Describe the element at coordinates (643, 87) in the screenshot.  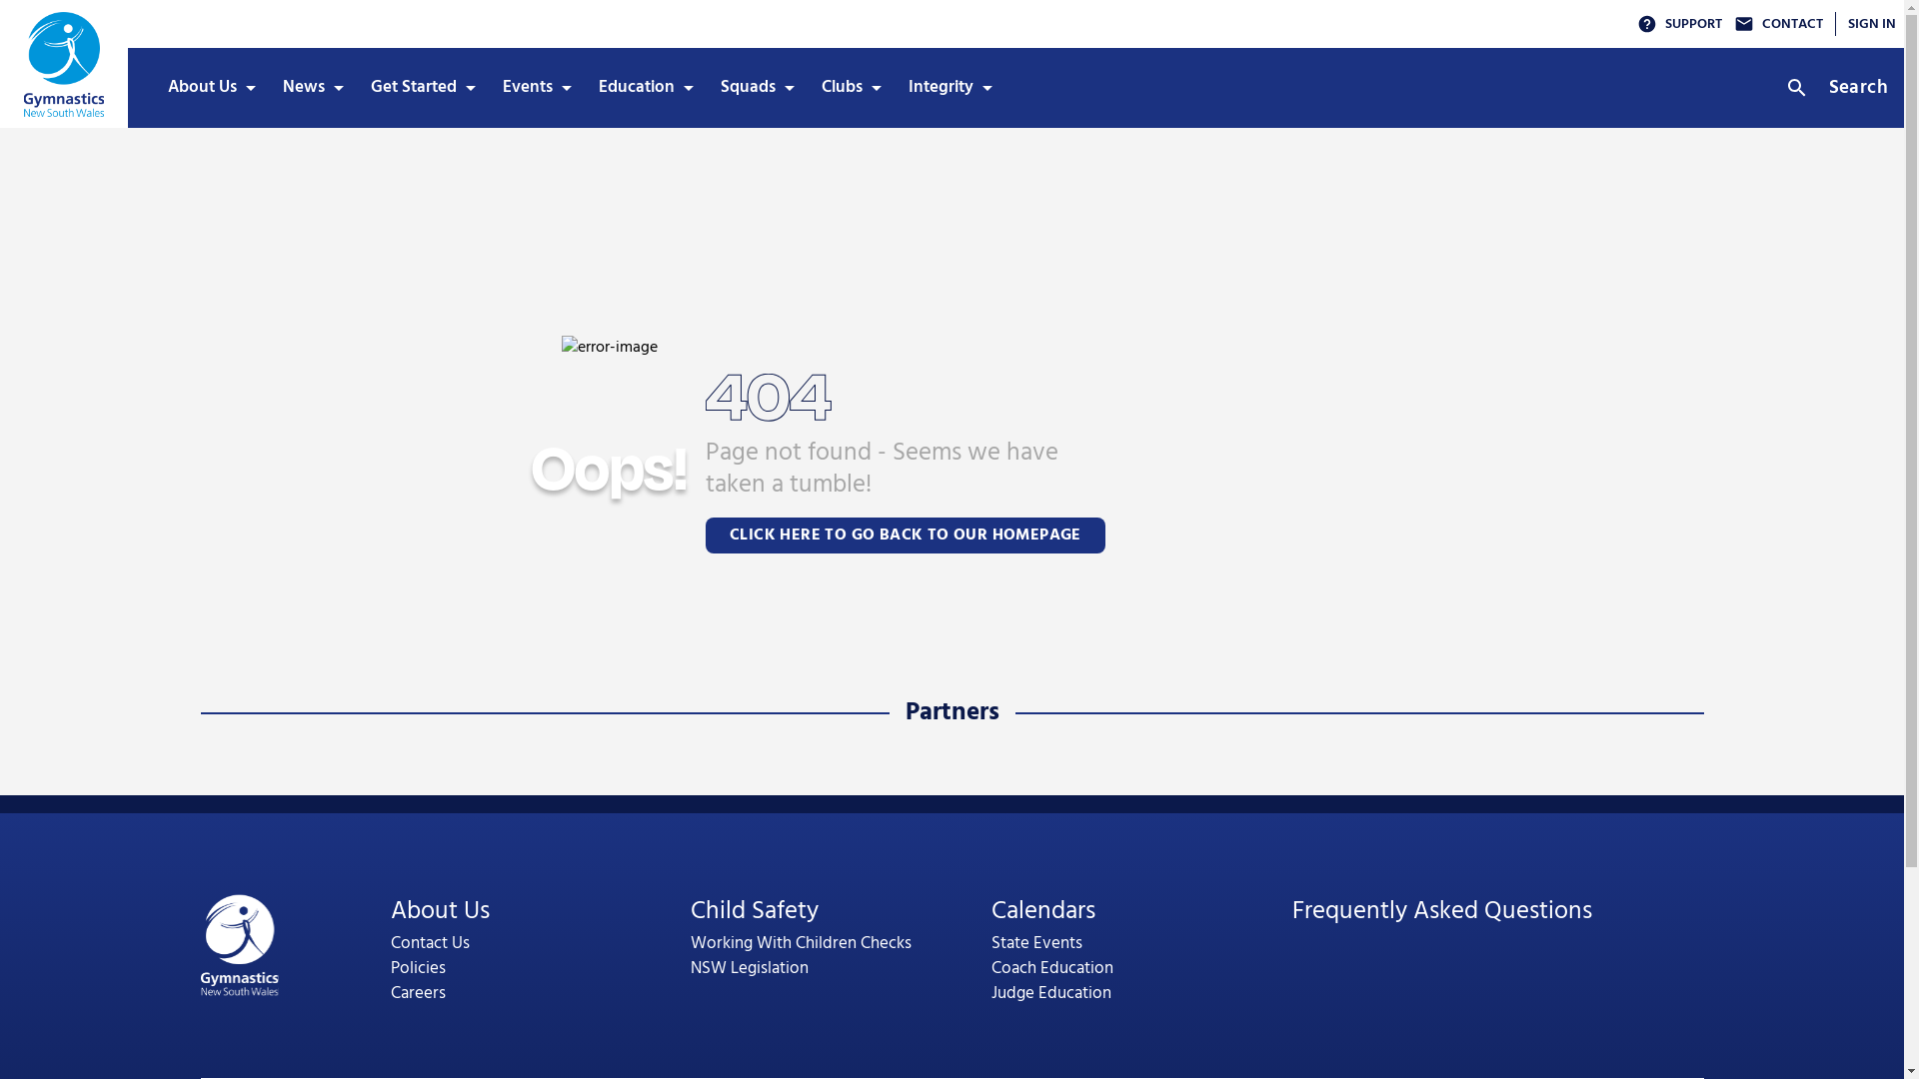
I see `'Education'` at that location.